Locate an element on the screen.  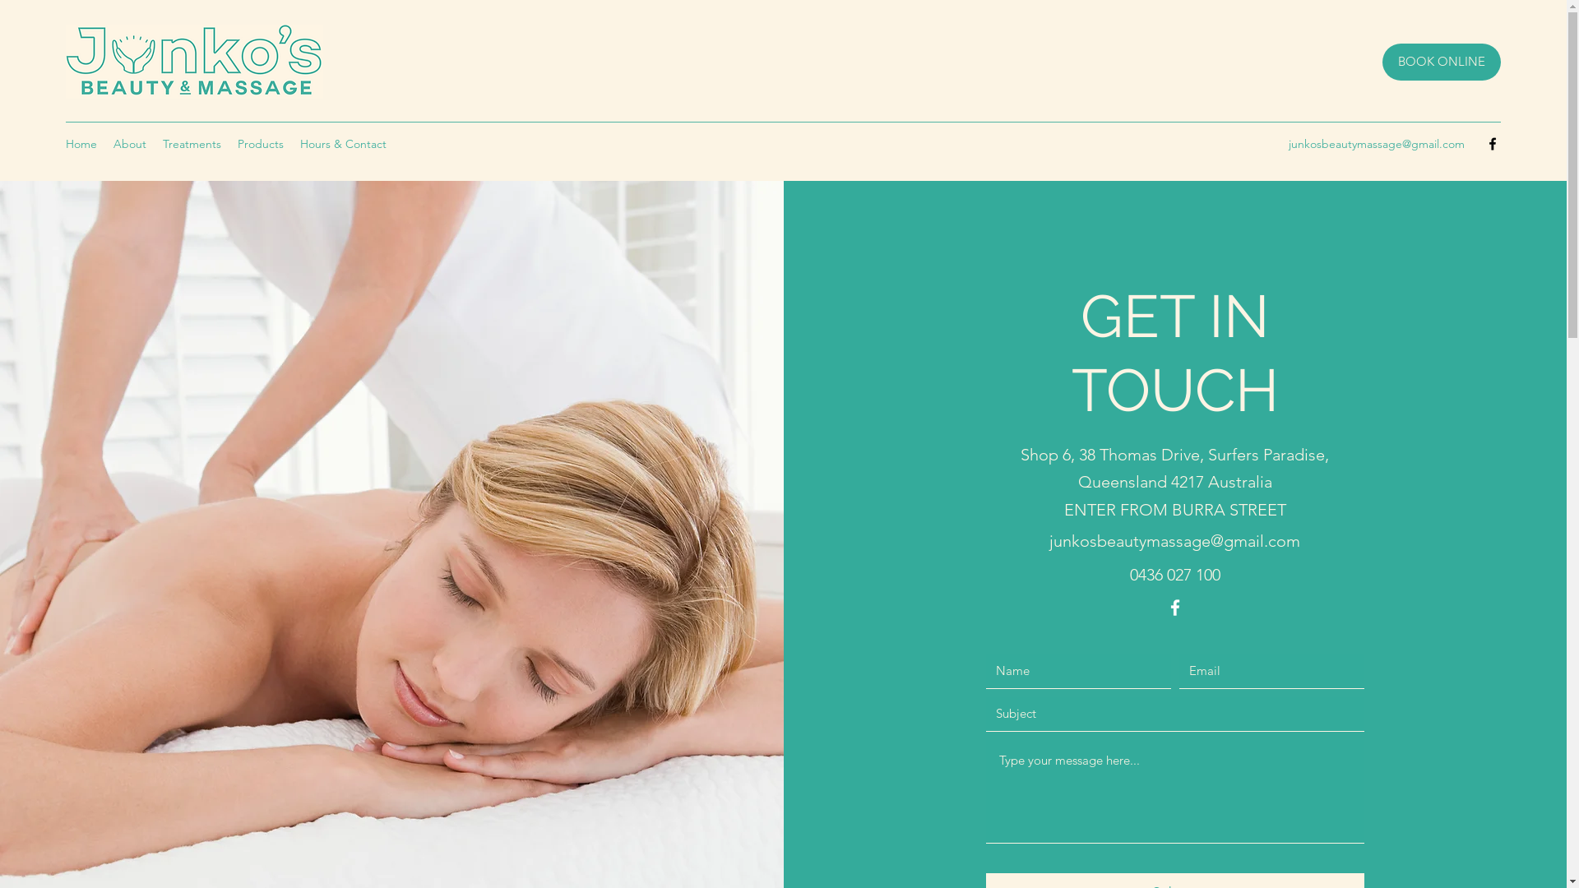
'Home' is located at coordinates (81, 142).